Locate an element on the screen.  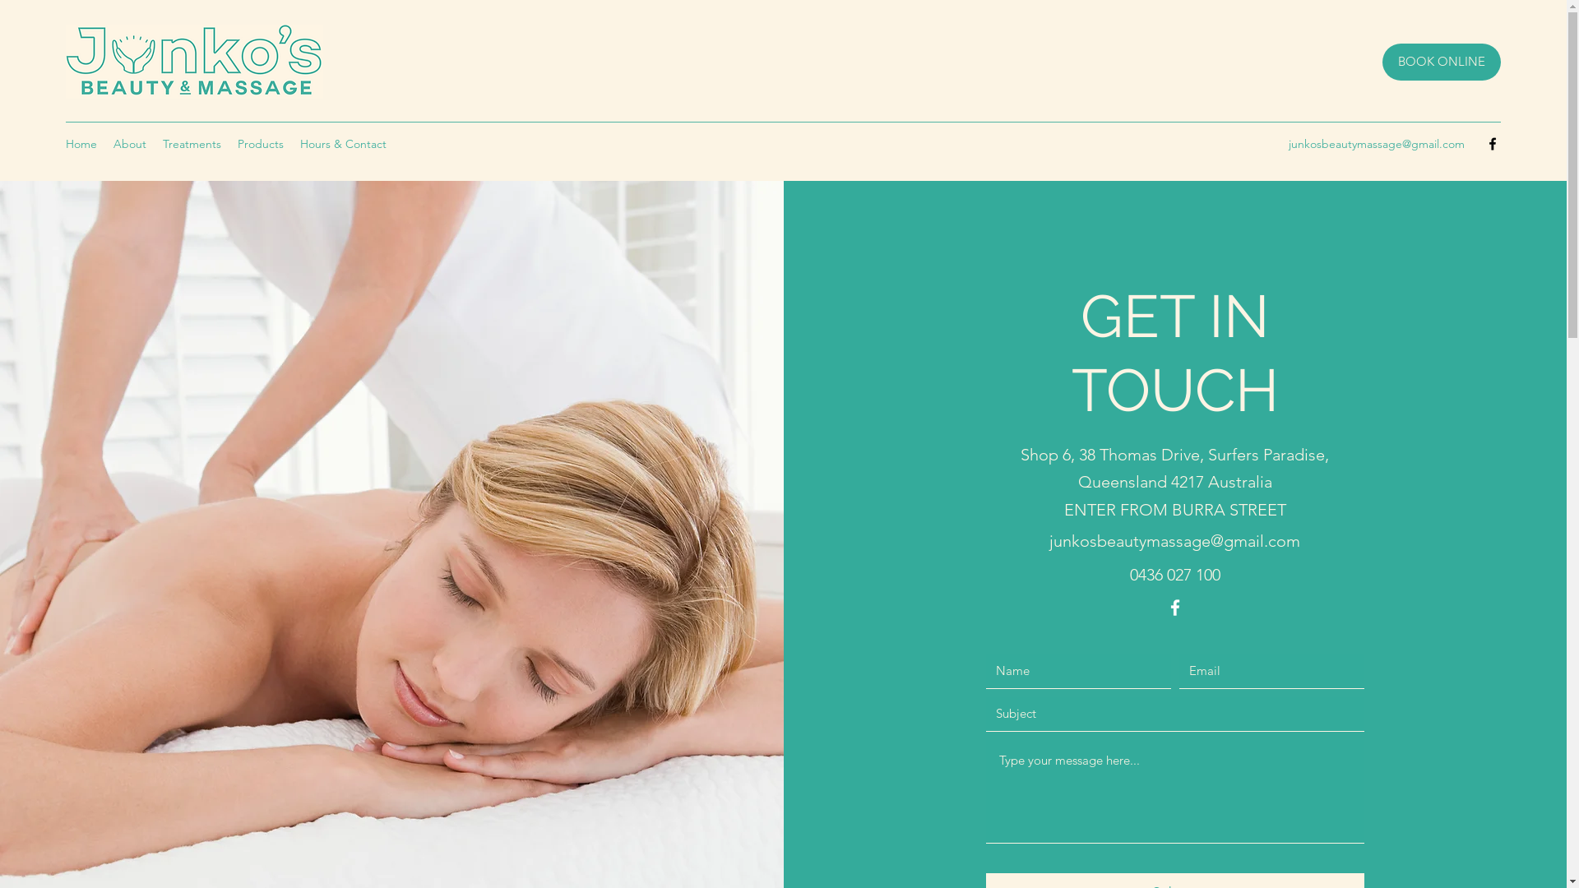
'Home' is located at coordinates (81, 142).